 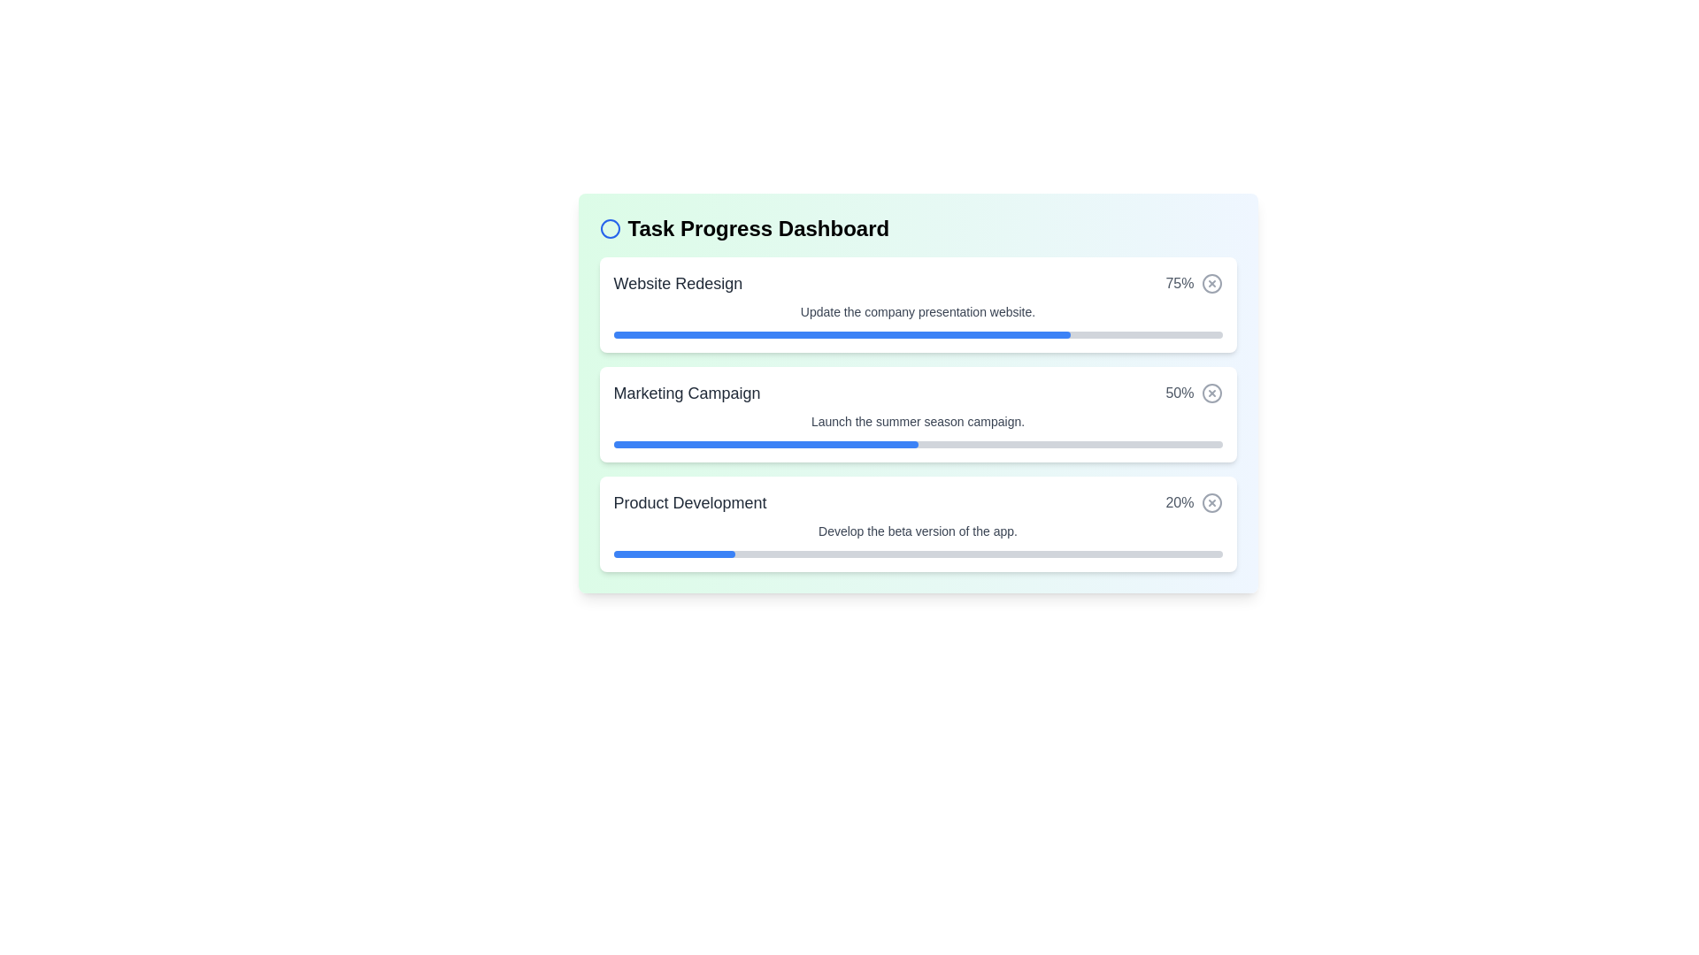 What do you see at coordinates (689, 503) in the screenshot?
I see `the text label displaying 'Product Development' in bold font style, which is positioned at the upper-left portion of the status row for the task` at bounding box center [689, 503].